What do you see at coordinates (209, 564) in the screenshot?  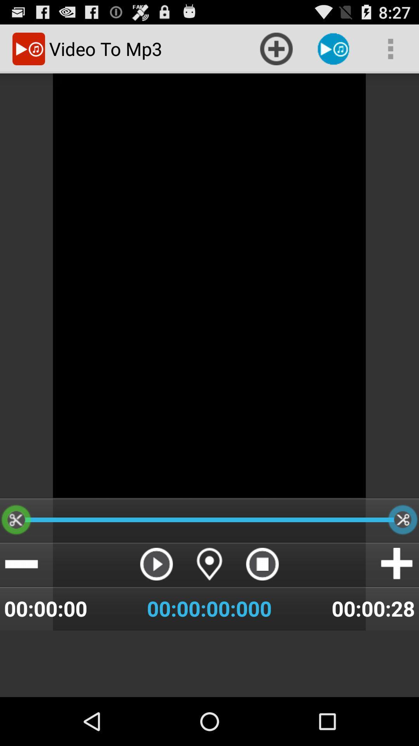 I see `app above the 00 00 00` at bounding box center [209, 564].